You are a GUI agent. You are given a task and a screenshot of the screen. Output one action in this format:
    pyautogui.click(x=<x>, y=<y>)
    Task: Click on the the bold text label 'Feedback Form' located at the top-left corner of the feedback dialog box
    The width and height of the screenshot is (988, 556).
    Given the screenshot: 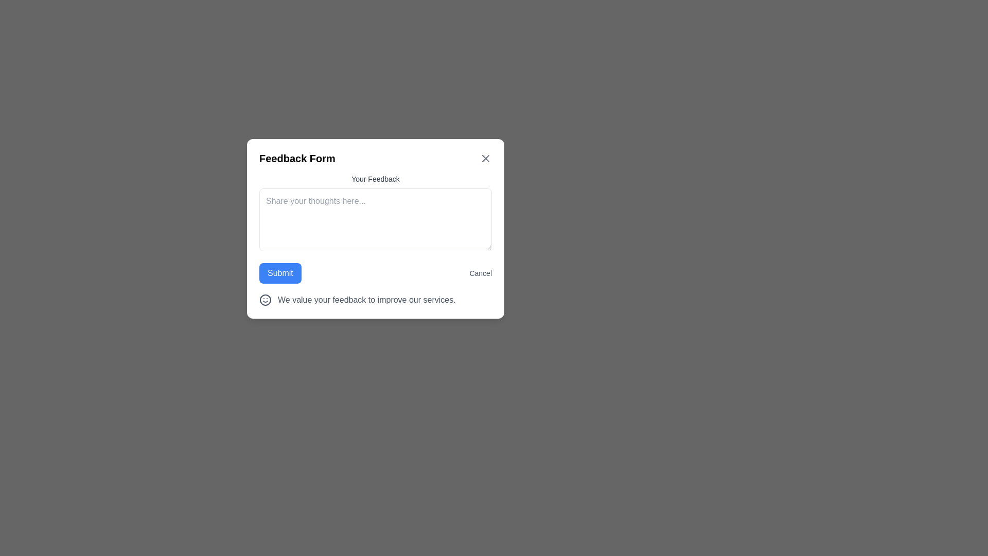 What is the action you would take?
    pyautogui.click(x=296, y=159)
    